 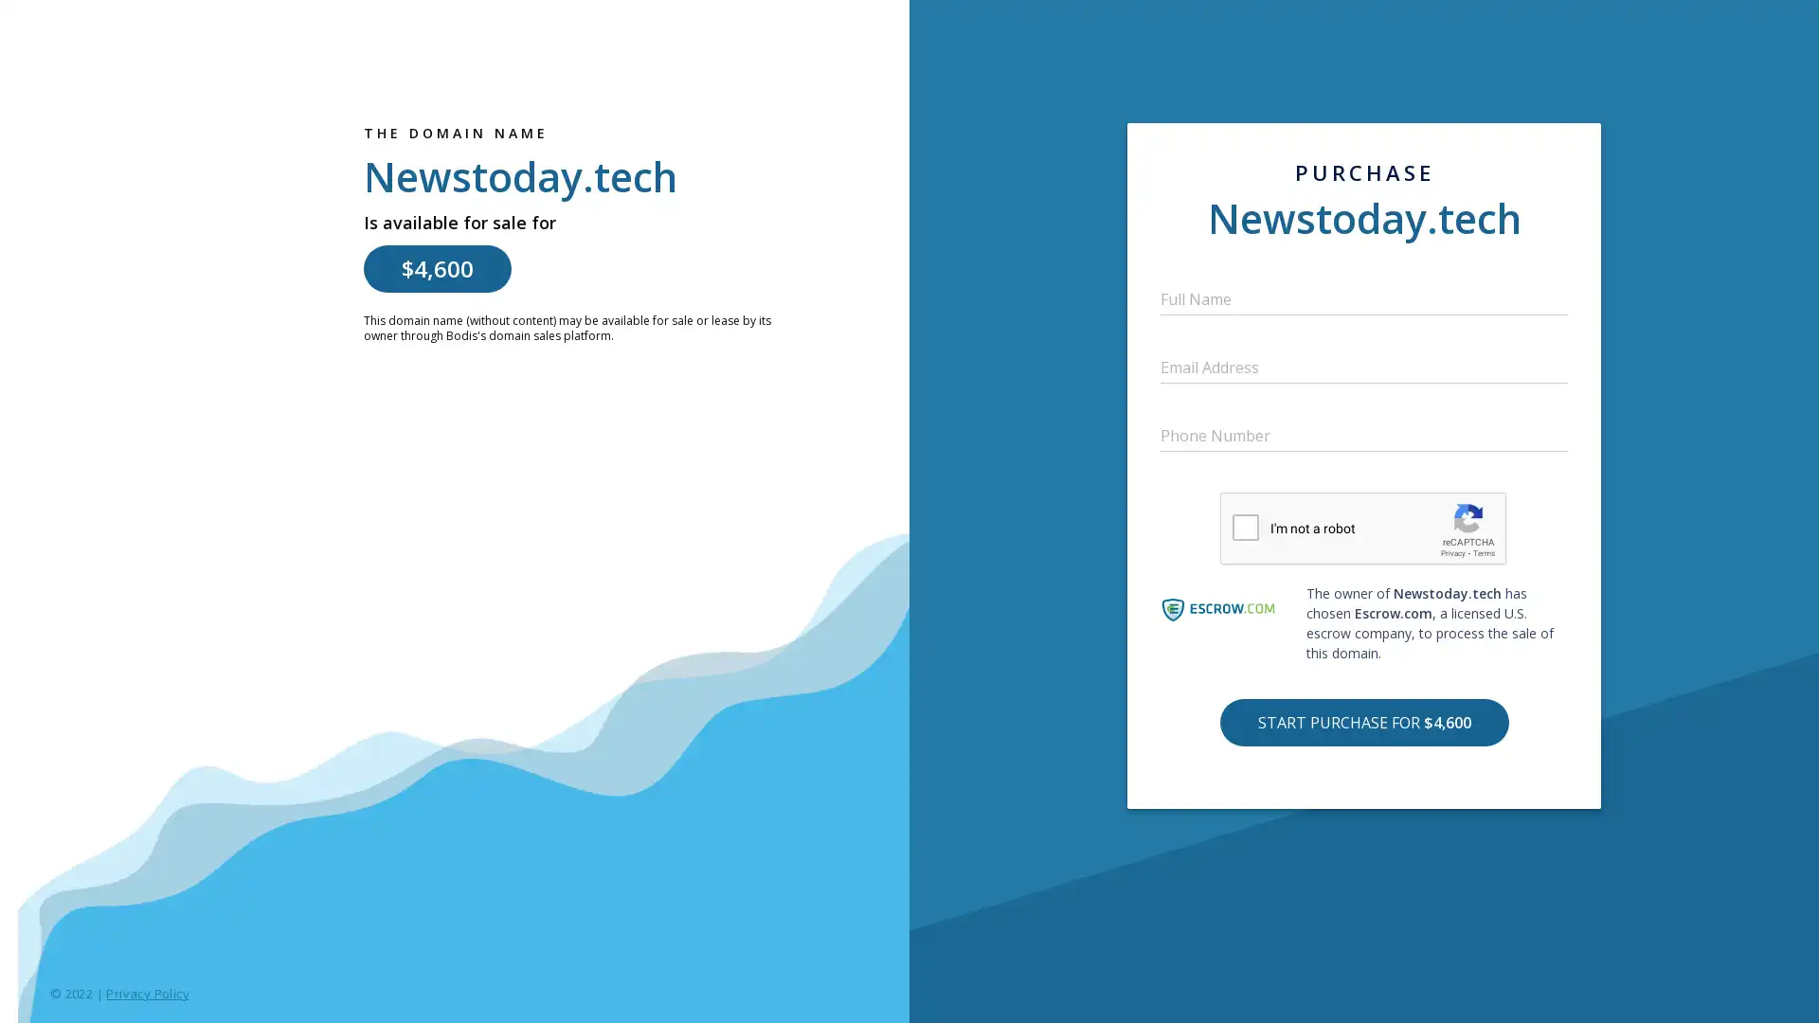 I want to click on START PURCHASE FOR $4,600, so click(x=1362, y=722).